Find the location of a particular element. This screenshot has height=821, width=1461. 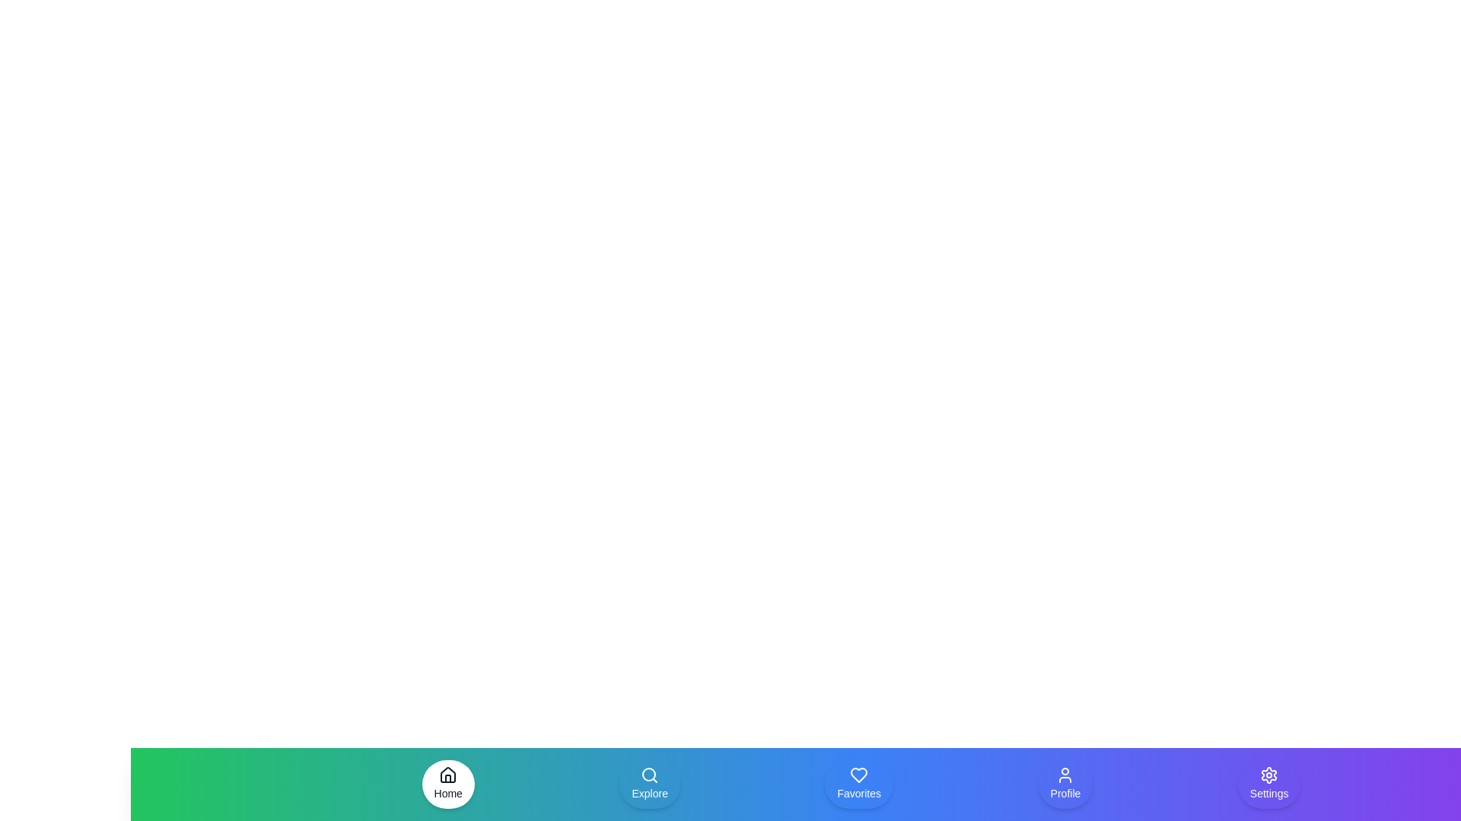

the navigation item Profile is located at coordinates (1065, 785).